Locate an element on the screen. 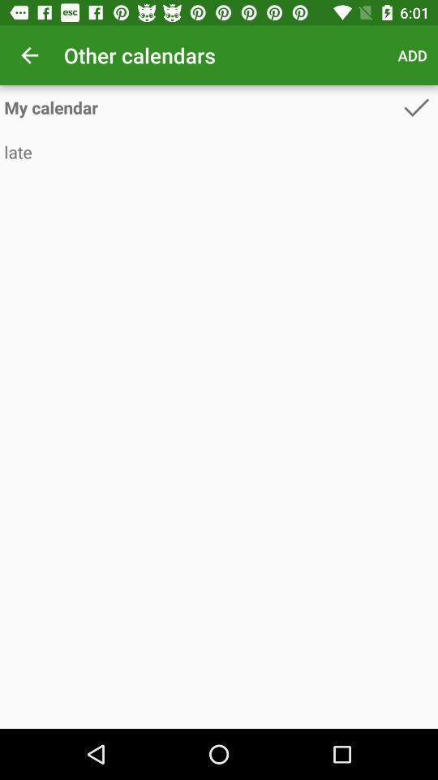  item to the right of the my calendar item is located at coordinates (416, 106).